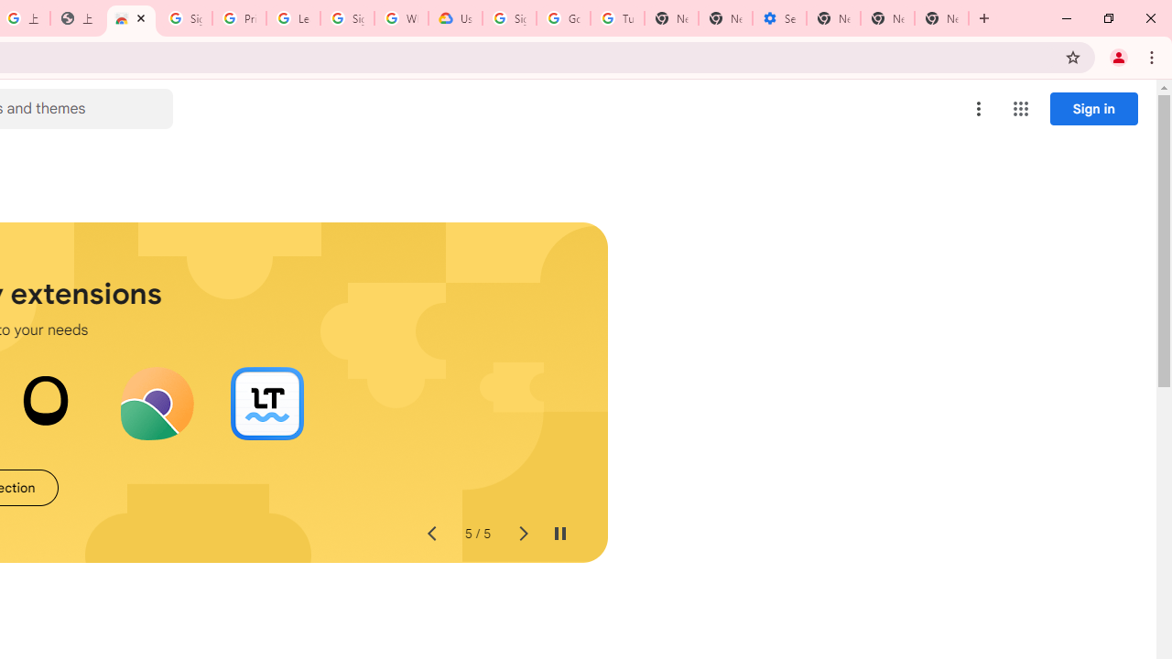 Image resolution: width=1172 pixels, height=659 pixels. Describe the element at coordinates (978, 109) in the screenshot. I see `'More options menu'` at that location.